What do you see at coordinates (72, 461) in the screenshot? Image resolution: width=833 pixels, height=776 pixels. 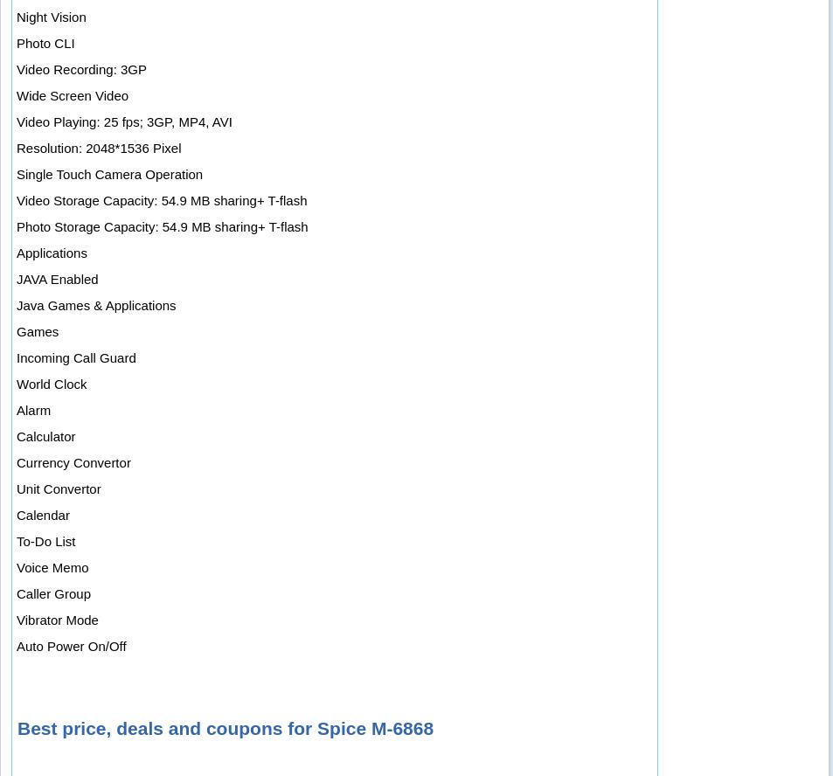 I see `'Currency Convertor'` at bounding box center [72, 461].